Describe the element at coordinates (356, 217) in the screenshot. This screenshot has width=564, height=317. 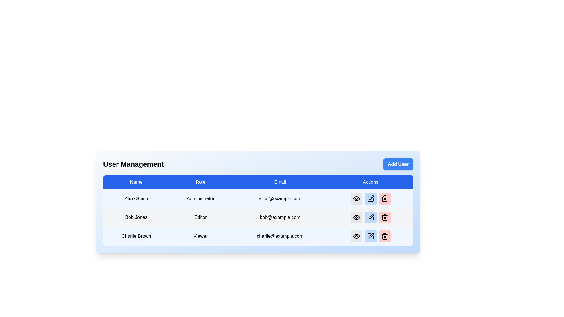
I see `the eye icon button in the Actions column of the user table, located in the same row as the user 'Bob Jones' and the email 'bob@example.com'` at that location.